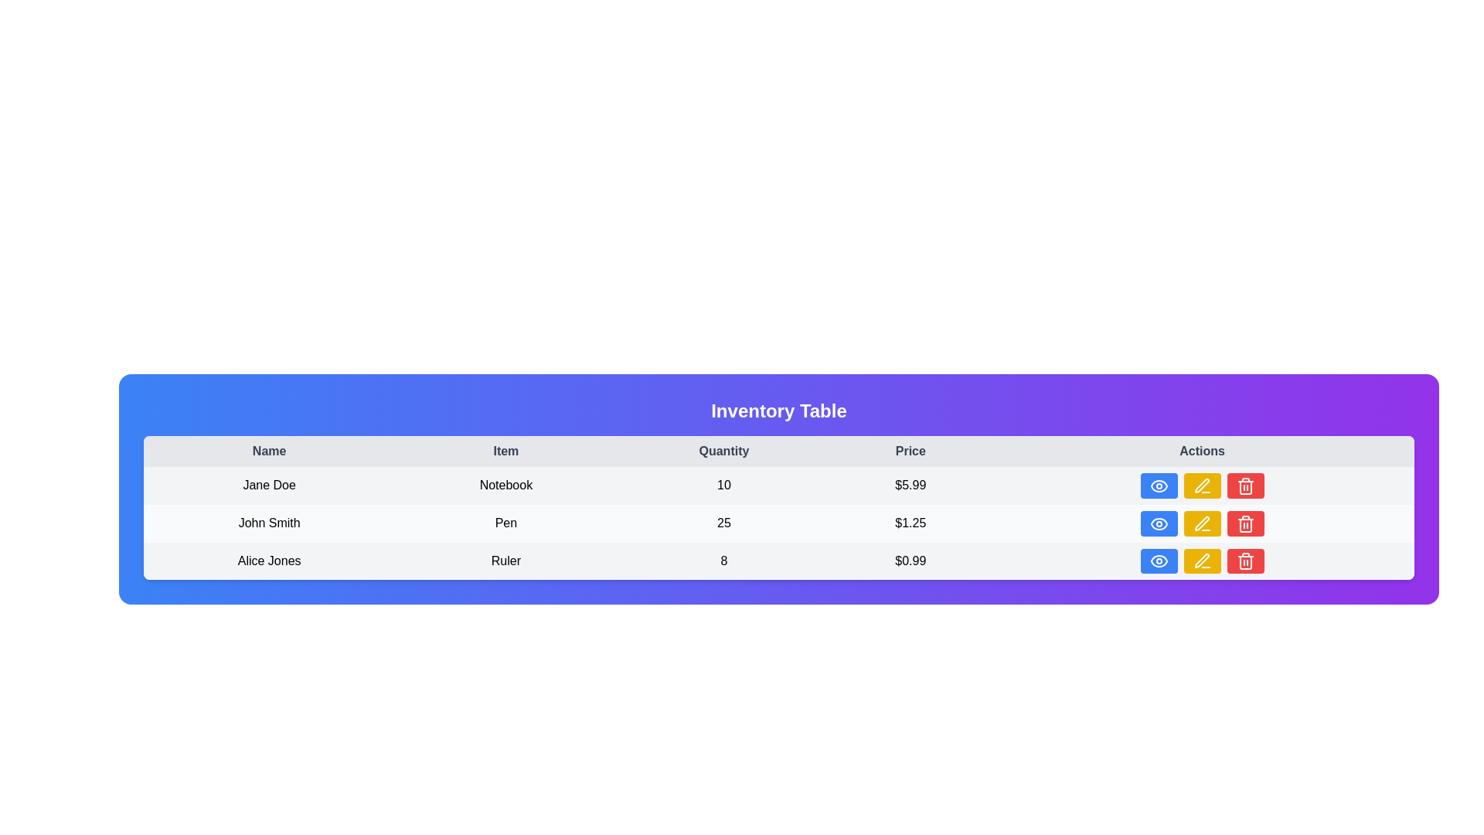 This screenshot has width=1484, height=835. What do you see at coordinates (1201, 485) in the screenshot?
I see `the edit icon (pen) in the 'Actions' column for 'John Smith' to initiate an edit operation` at bounding box center [1201, 485].